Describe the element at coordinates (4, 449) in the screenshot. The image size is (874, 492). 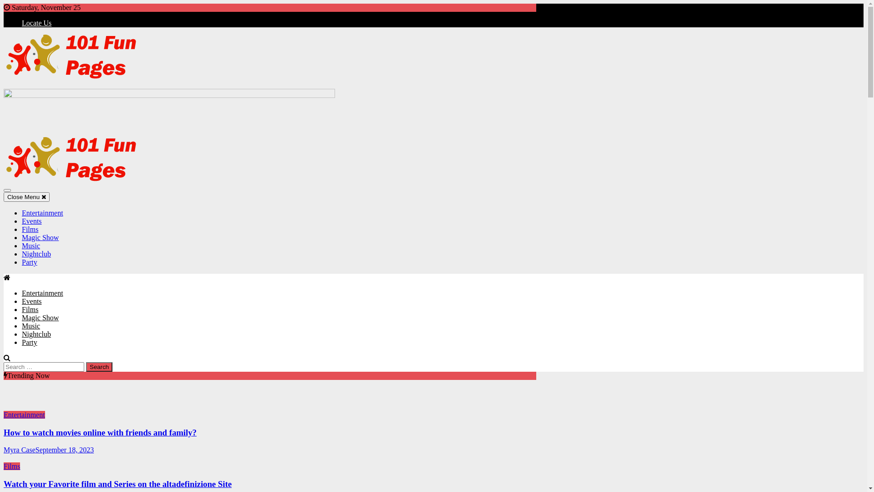
I see `'Myra Case'` at that location.